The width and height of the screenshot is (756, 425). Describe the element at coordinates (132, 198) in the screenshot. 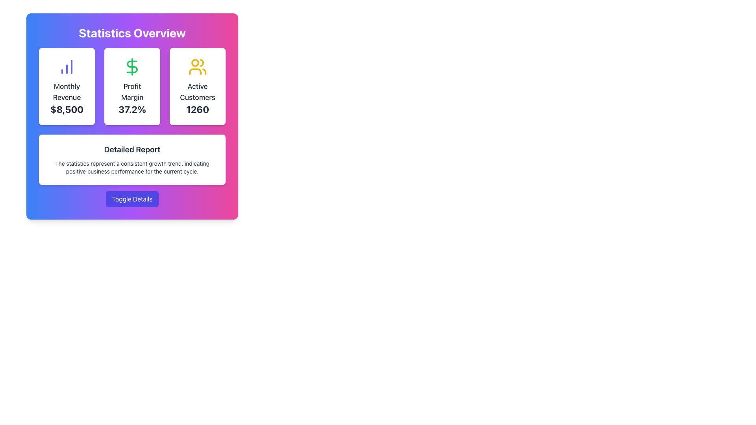

I see `the blue button labeled 'Toggle Details' to trigger the hover effects` at that location.